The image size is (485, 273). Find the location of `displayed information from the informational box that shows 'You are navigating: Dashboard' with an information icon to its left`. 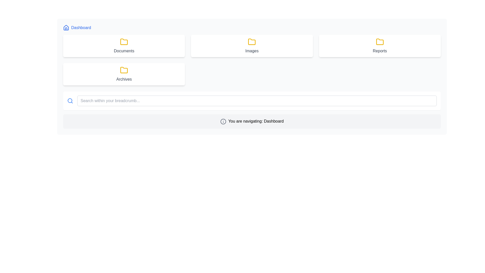

displayed information from the informational box that shows 'You are navigating: Dashboard' with an information icon to its left is located at coordinates (252, 121).